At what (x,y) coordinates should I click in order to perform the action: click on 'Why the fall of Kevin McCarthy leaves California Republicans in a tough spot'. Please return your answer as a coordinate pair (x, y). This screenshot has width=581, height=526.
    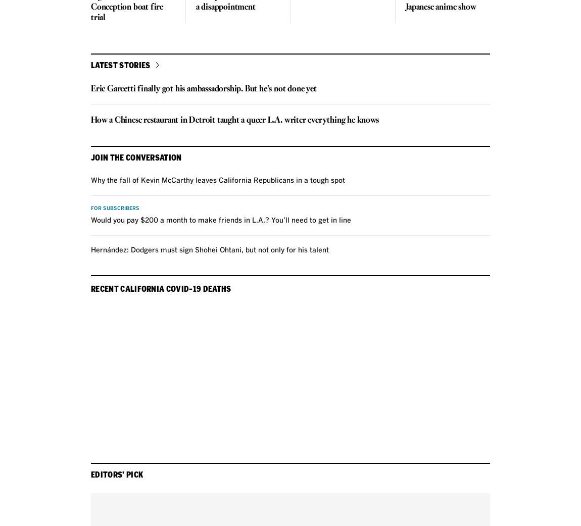
    Looking at the image, I should click on (90, 180).